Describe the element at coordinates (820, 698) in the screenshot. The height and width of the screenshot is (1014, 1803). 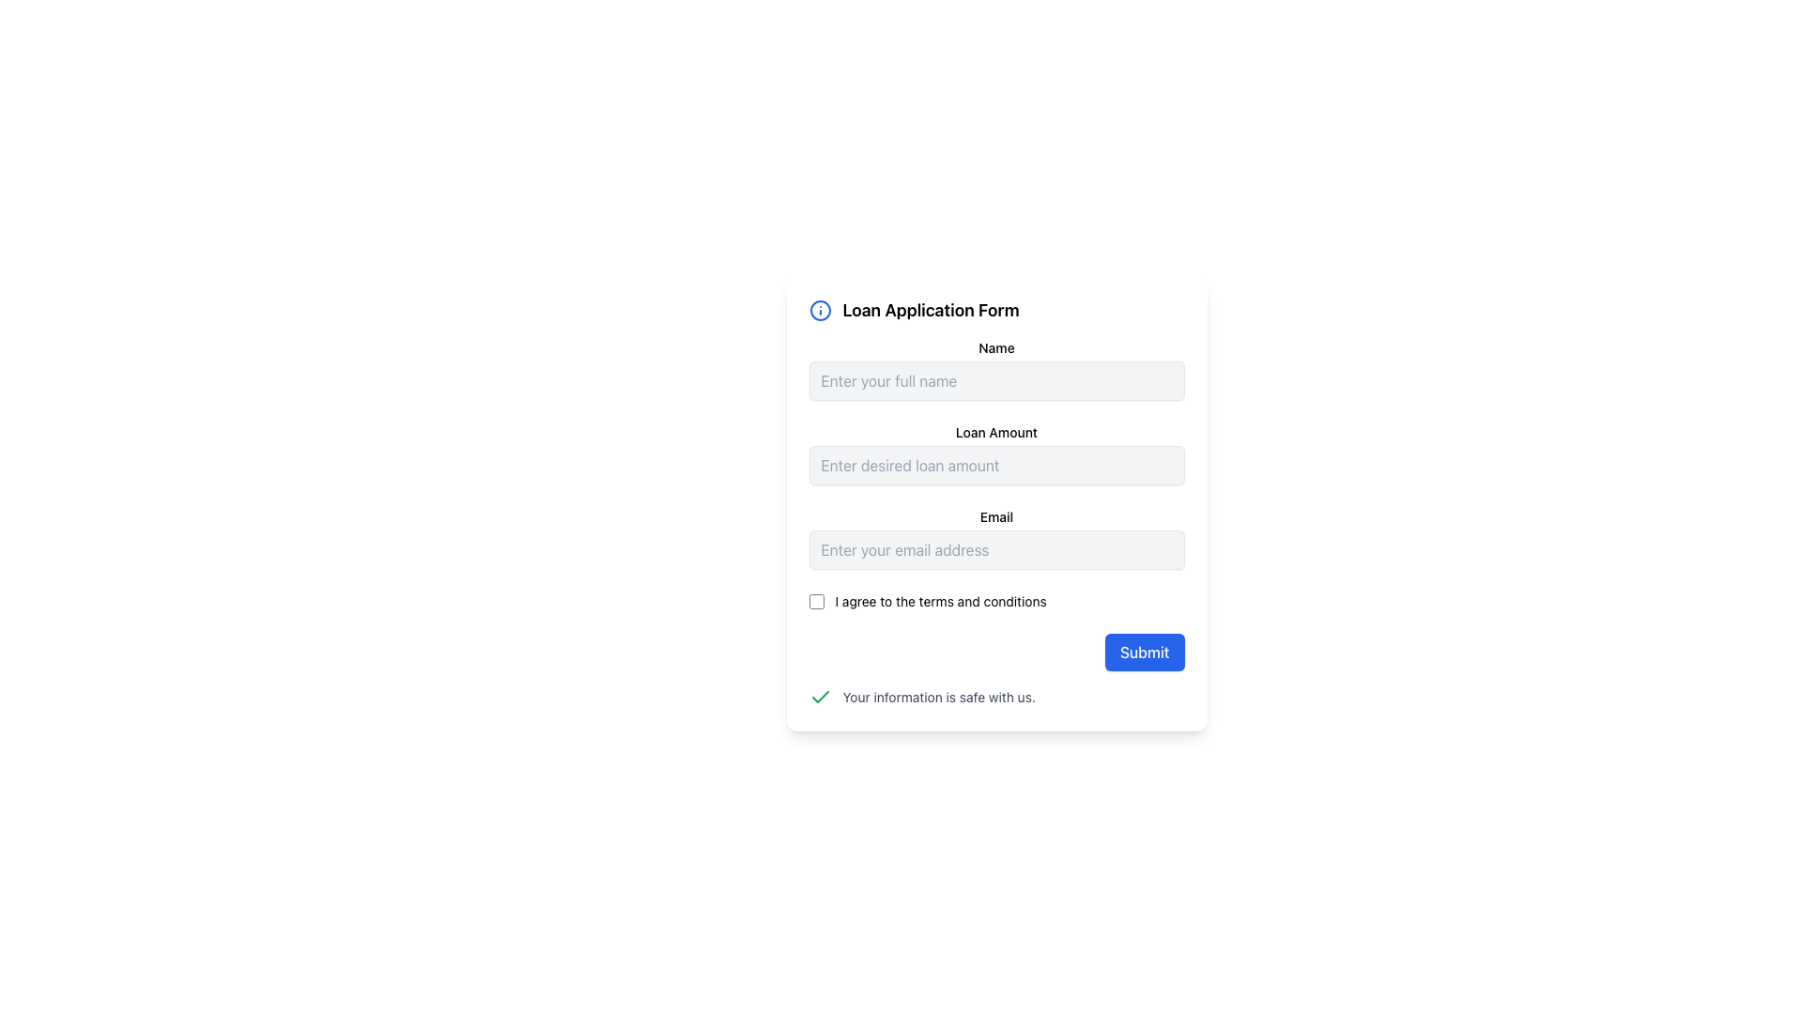
I see `the approval icon located in the bottom-left section of the modal-like form card, adjacent to the text 'Your information is safe with us.'` at that location.